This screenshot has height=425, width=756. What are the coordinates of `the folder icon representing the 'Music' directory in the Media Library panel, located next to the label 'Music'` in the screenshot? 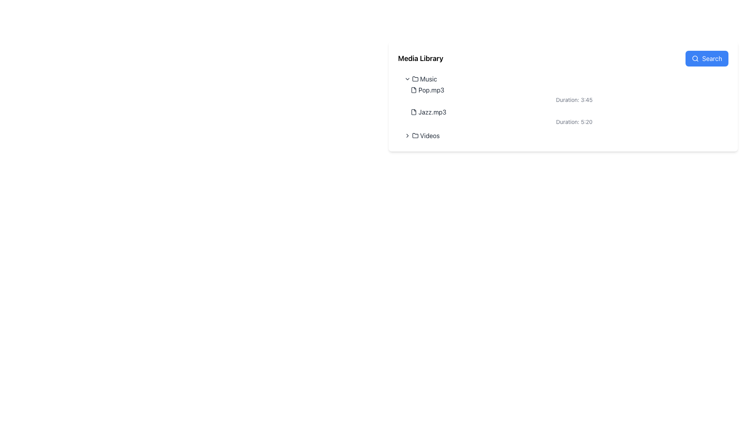 It's located at (415, 79).